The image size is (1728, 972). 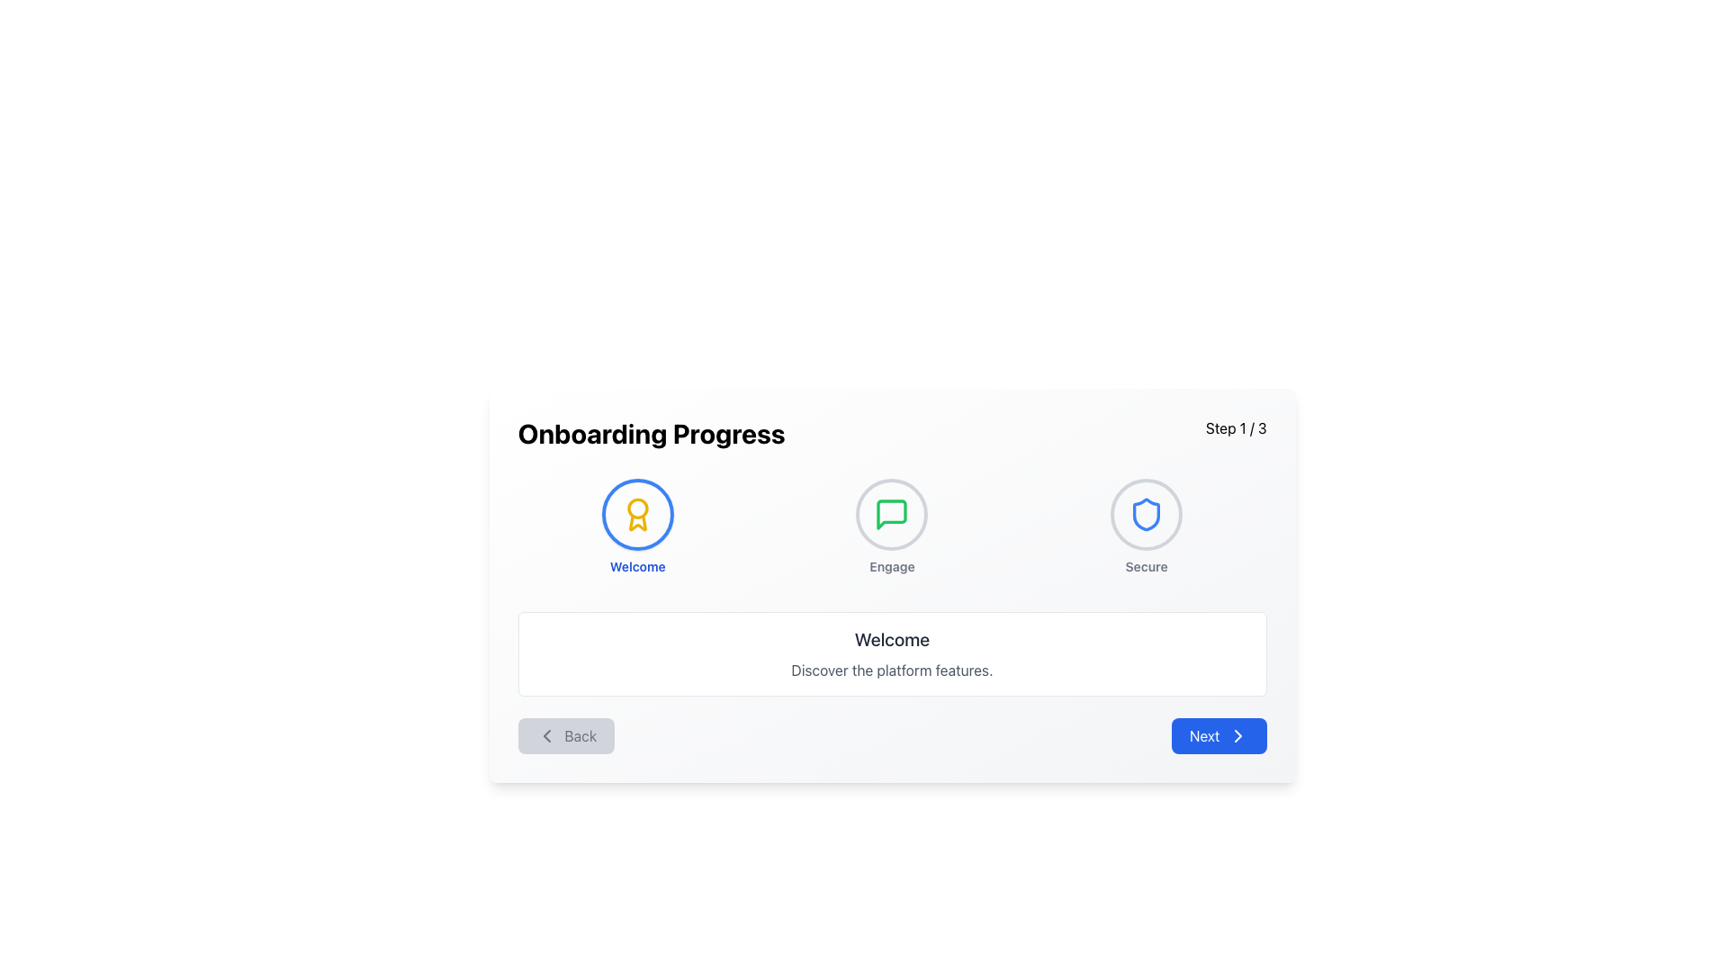 I want to click on the right-pointing chevron icon within the 'Next' button located at the lower-right corner of the interface, so click(x=1237, y=735).